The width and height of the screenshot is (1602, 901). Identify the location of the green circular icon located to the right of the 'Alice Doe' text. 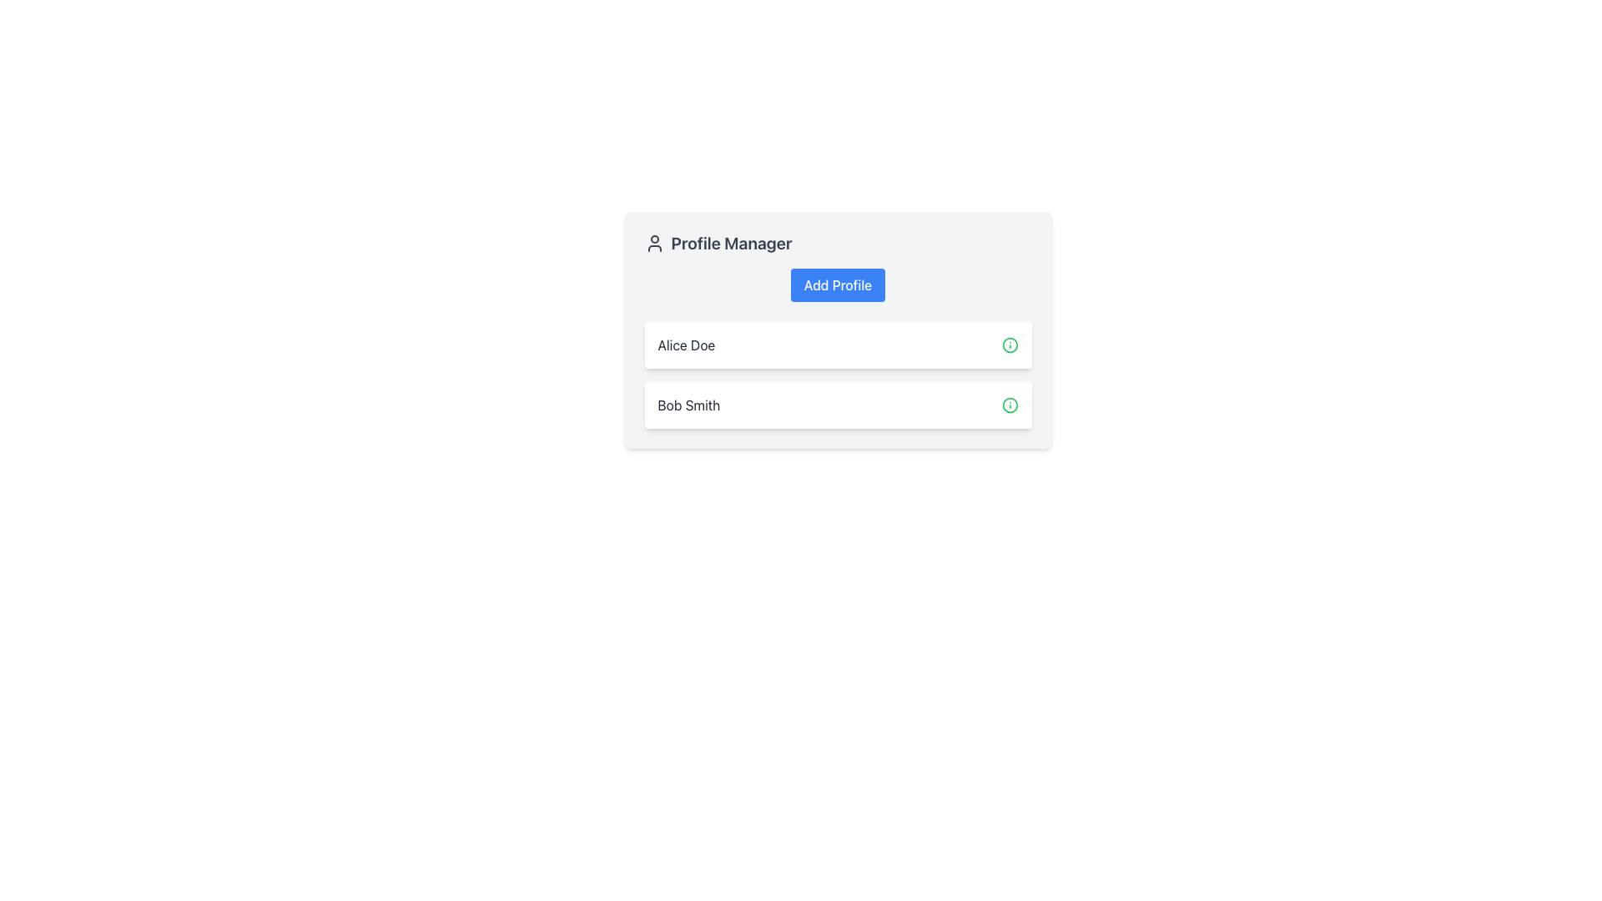
(1009, 344).